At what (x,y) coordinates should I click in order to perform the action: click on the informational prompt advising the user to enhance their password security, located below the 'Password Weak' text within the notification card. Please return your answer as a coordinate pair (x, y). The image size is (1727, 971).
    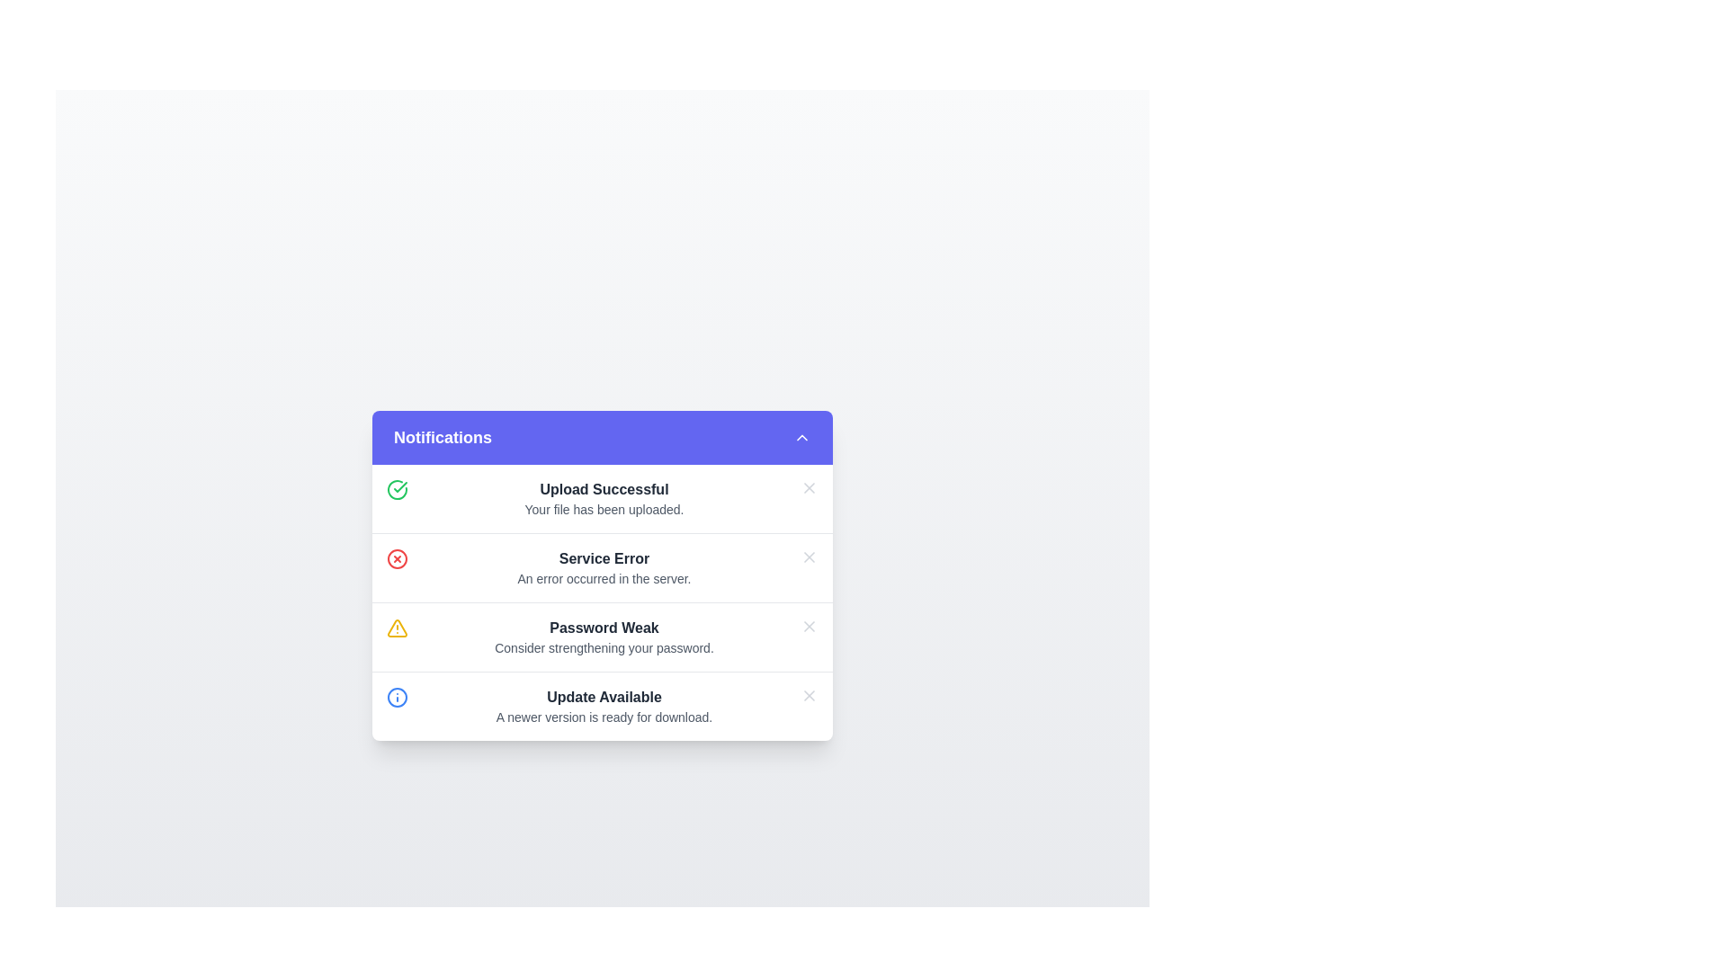
    Looking at the image, I should click on (604, 647).